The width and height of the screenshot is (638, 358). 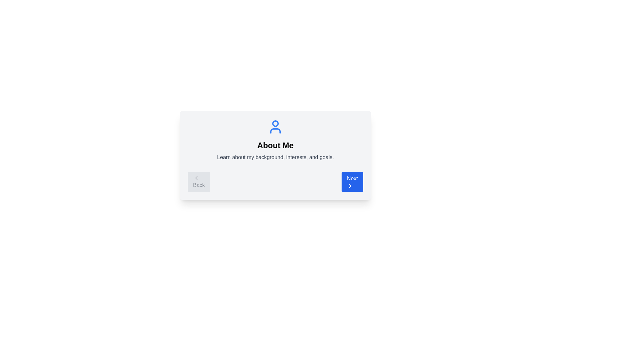 What do you see at coordinates (275, 127) in the screenshot?
I see `the blue user icon, which is centrally placed at the top of the card-like component containing a title and description` at bounding box center [275, 127].